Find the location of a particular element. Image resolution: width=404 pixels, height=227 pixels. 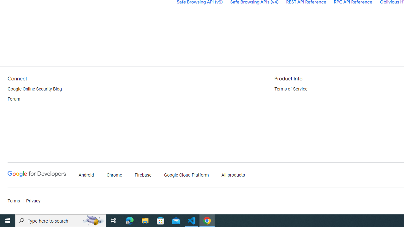

'Android' is located at coordinates (86, 175).